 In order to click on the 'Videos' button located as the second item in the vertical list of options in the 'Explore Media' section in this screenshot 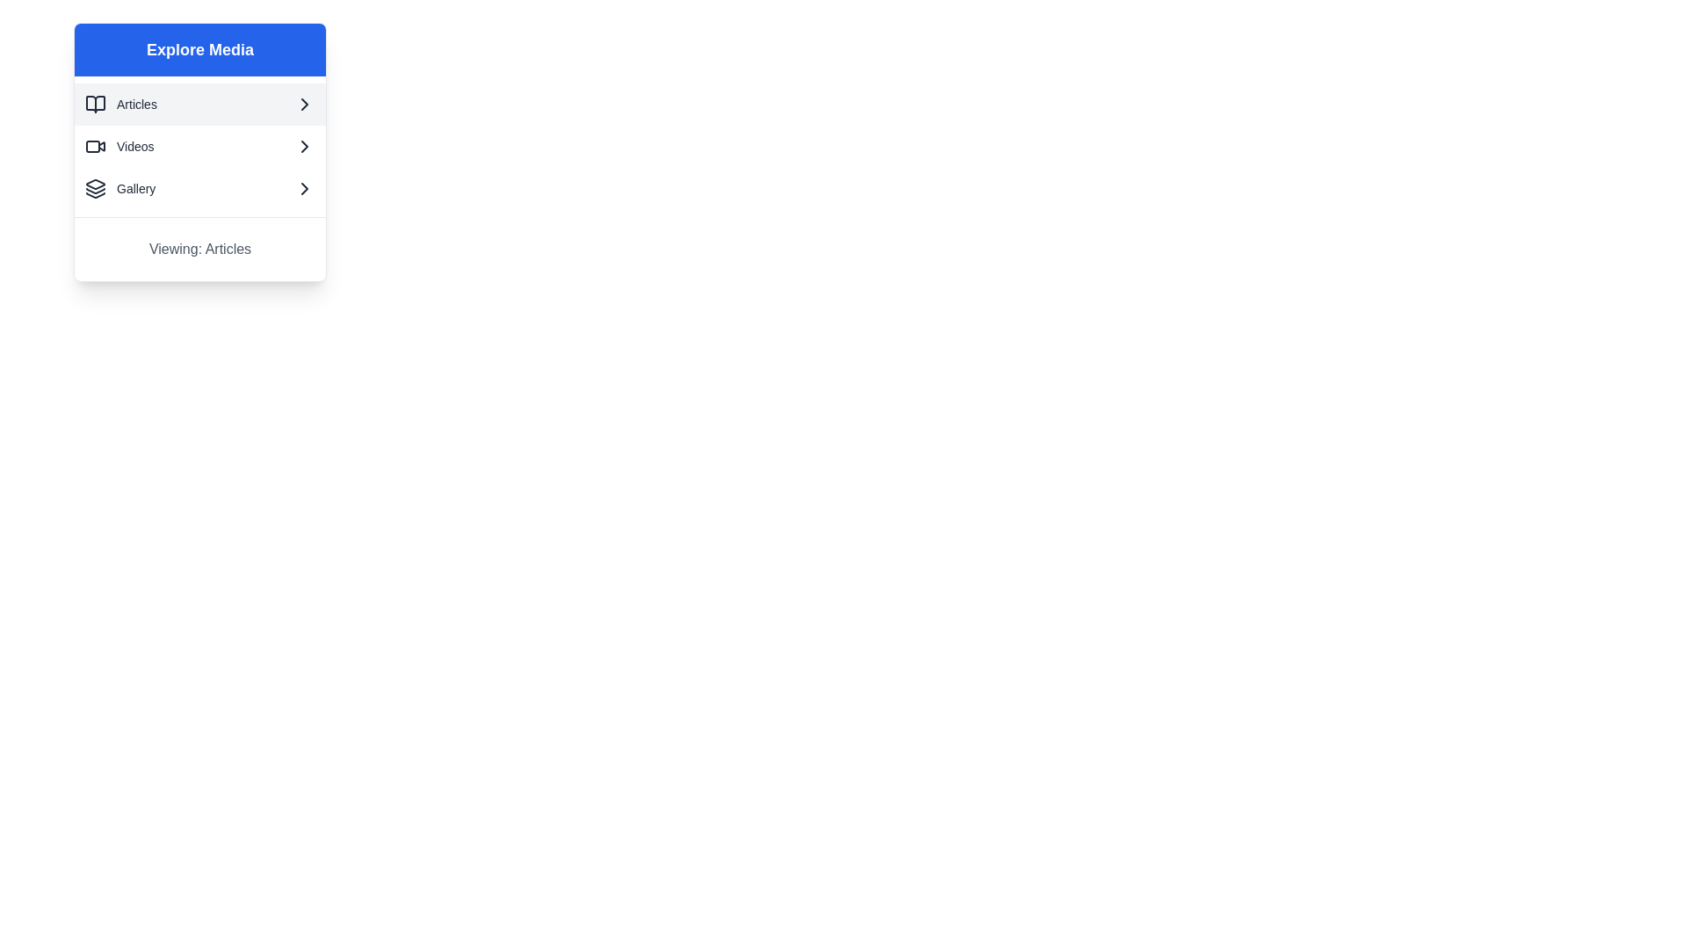, I will do `click(199, 145)`.